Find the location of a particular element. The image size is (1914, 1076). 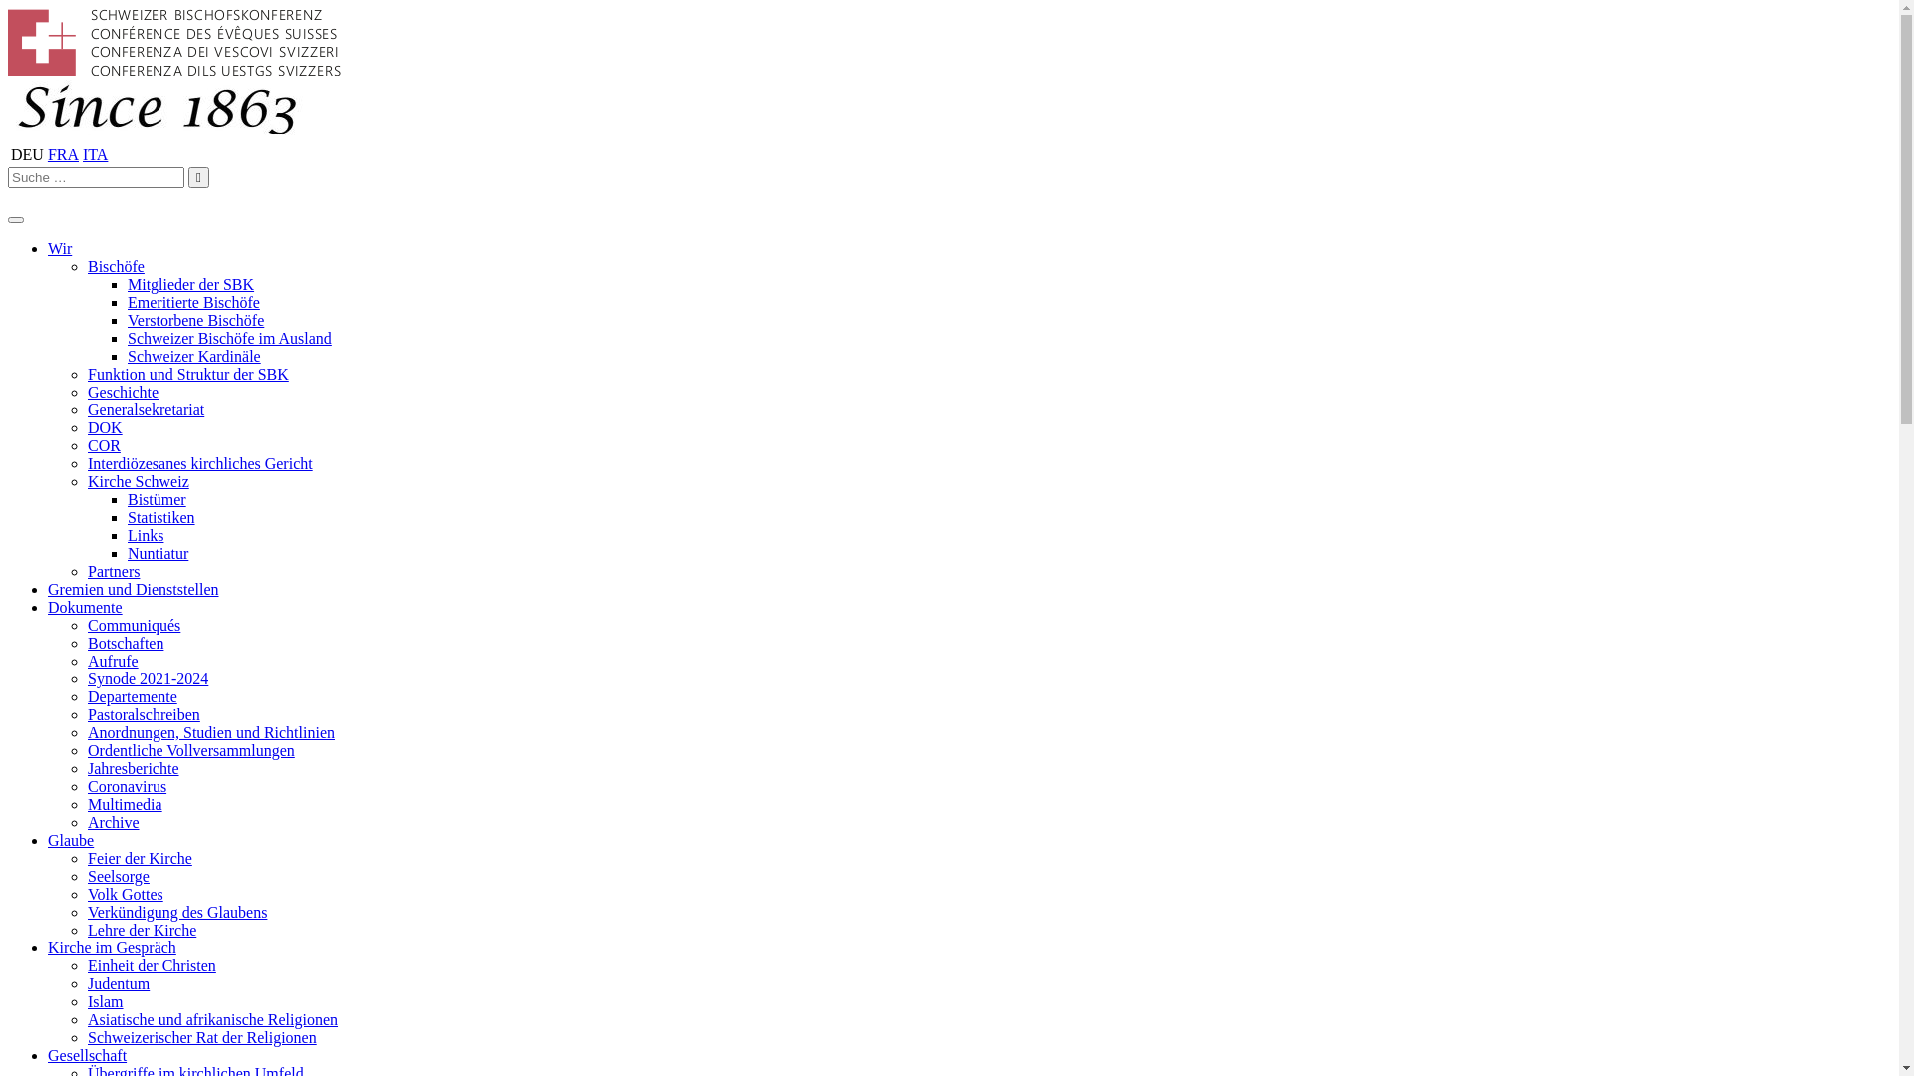

'Anordnungen, Studien und Richtlinien' is located at coordinates (86, 732).